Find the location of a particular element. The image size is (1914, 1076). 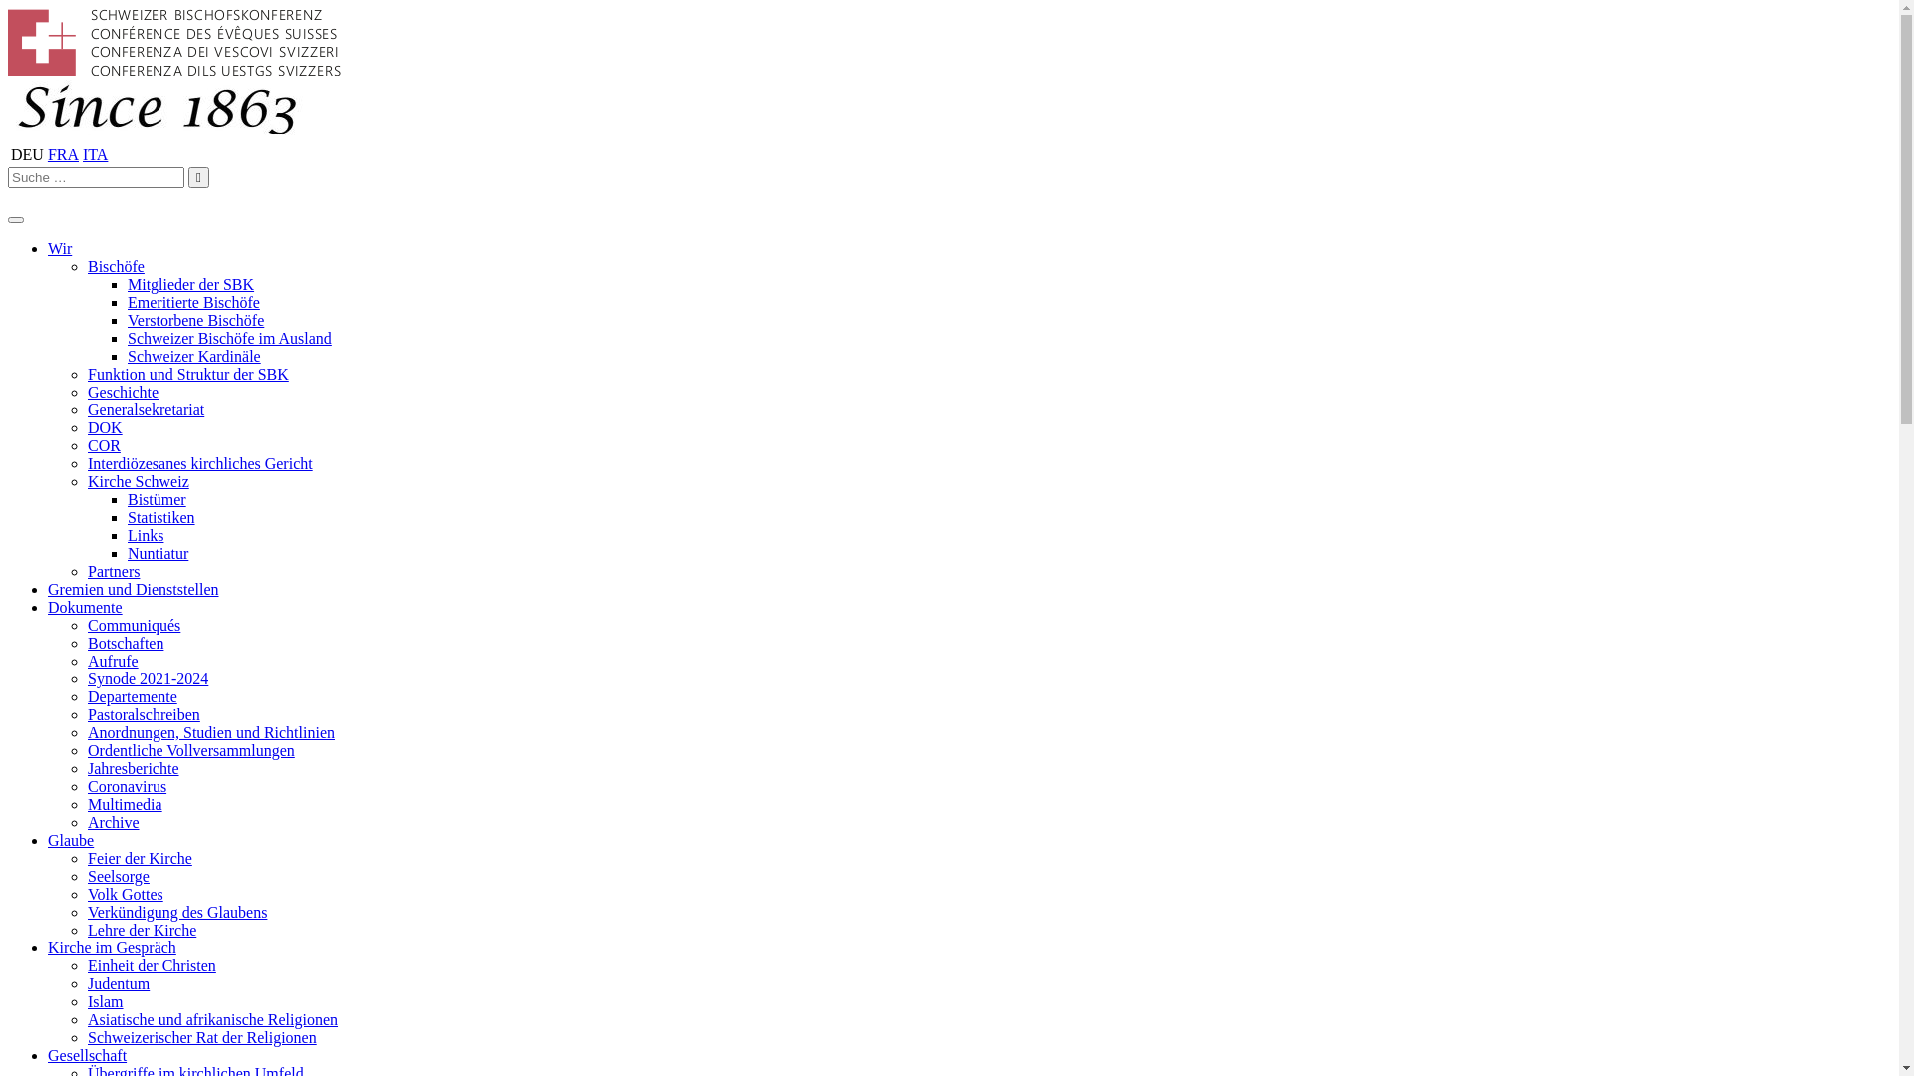

'Anordnungen, Studien und Richtlinien' is located at coordinates (86, 732).